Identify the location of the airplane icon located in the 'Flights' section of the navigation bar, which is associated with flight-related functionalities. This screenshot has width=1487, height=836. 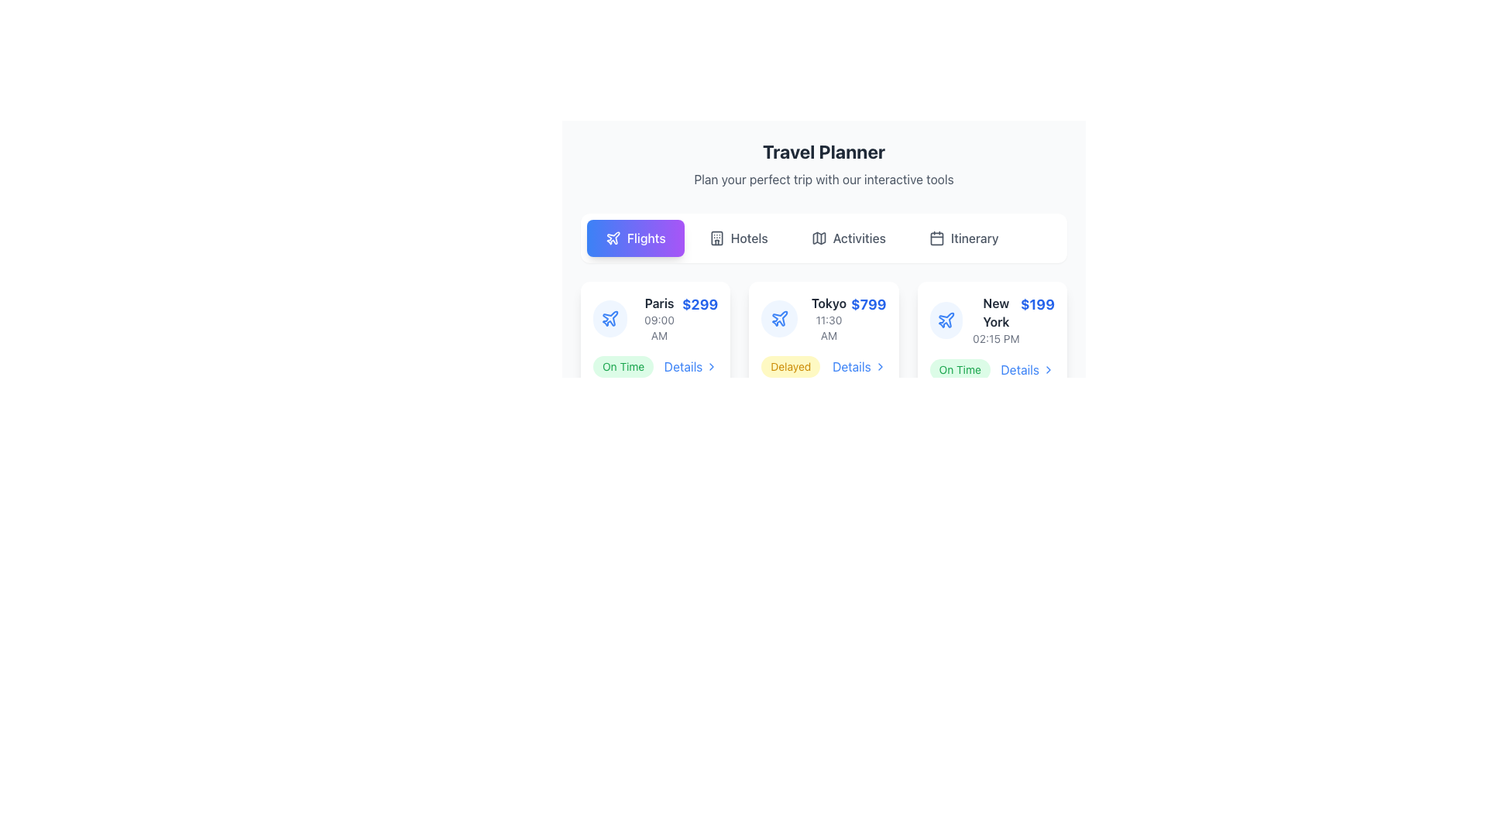
(613, 238).